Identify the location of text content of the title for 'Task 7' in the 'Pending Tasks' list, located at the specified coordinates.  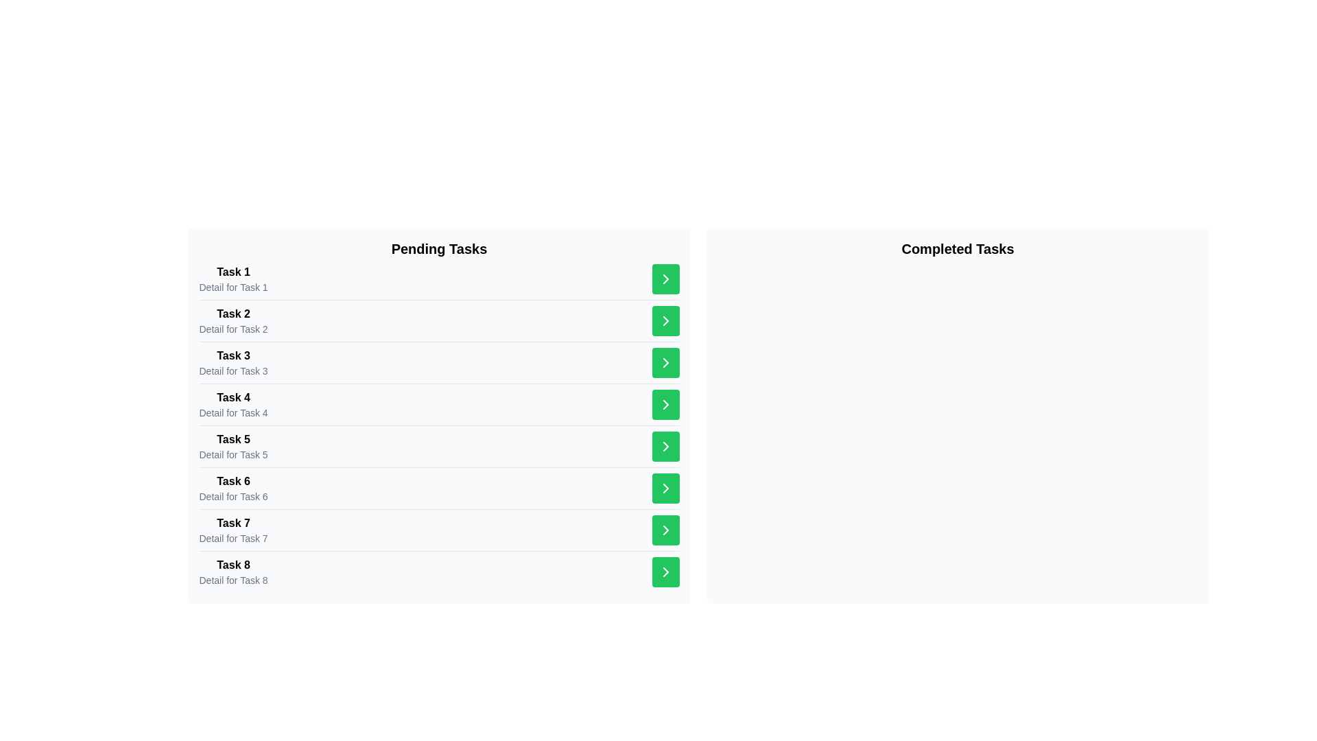
(233, 524).